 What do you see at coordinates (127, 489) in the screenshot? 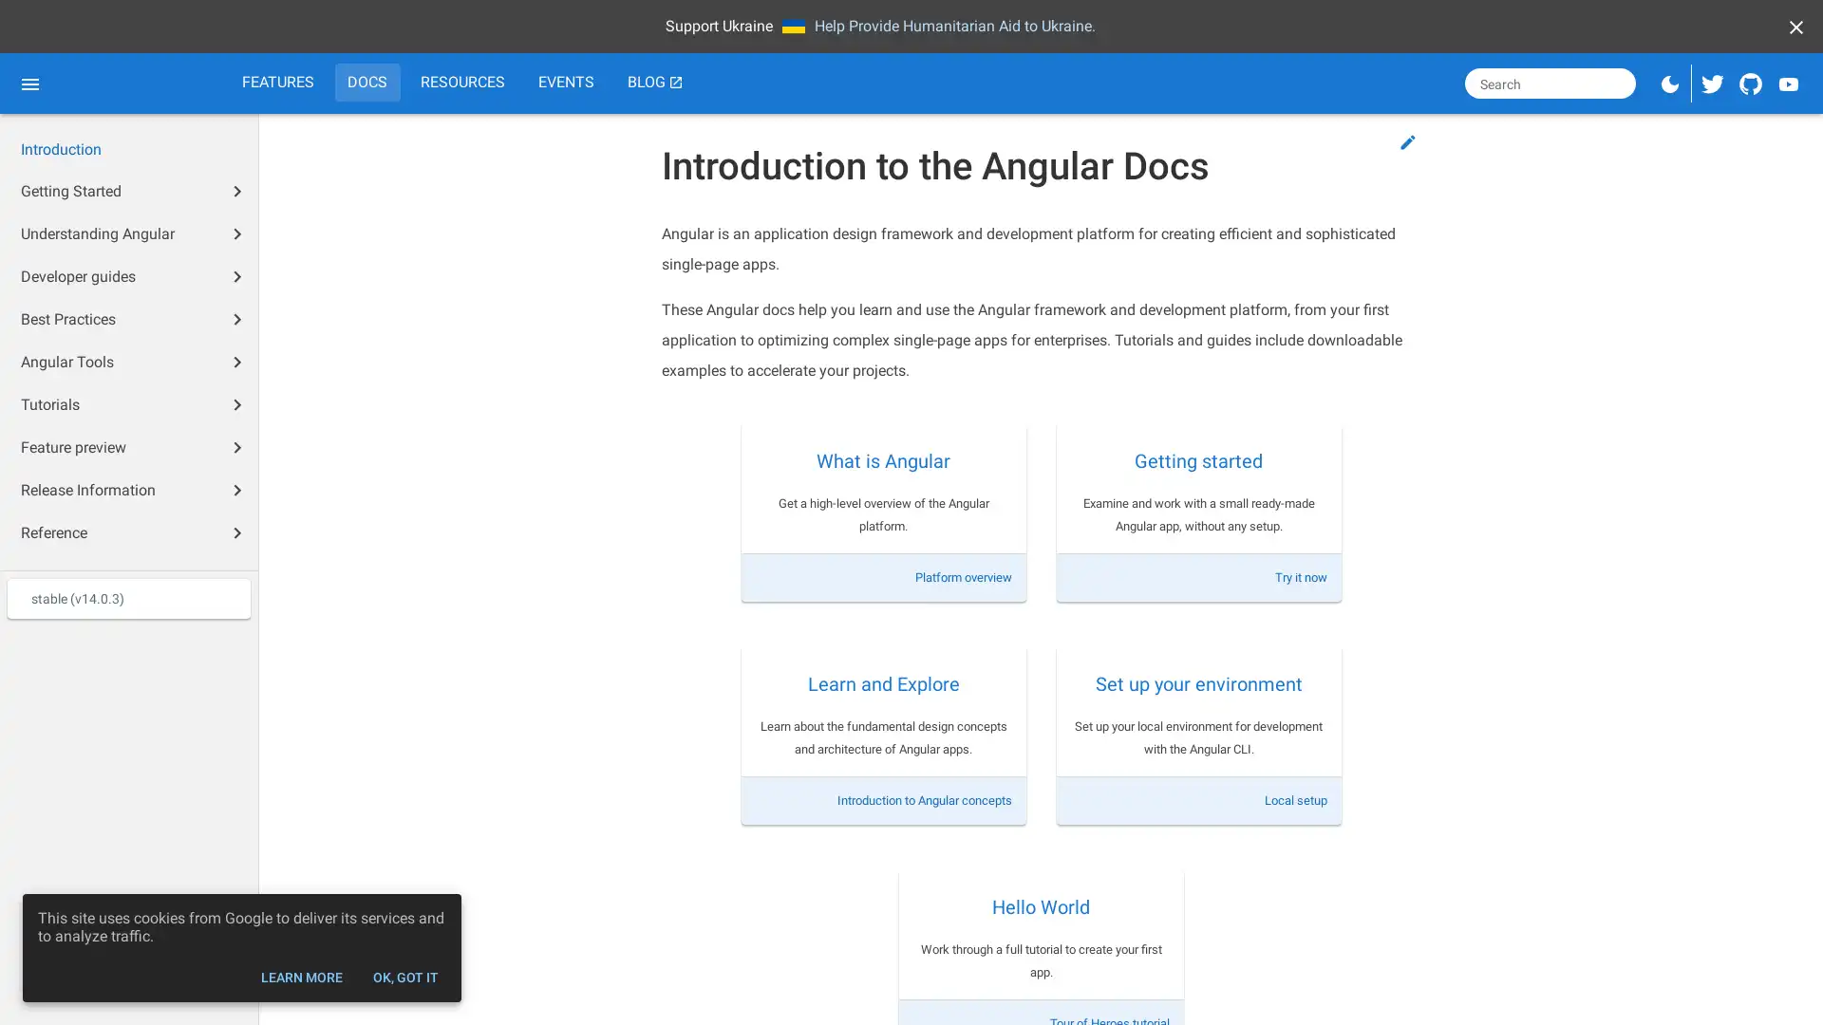
I see `Release Information` at bounding box center [127, 489].